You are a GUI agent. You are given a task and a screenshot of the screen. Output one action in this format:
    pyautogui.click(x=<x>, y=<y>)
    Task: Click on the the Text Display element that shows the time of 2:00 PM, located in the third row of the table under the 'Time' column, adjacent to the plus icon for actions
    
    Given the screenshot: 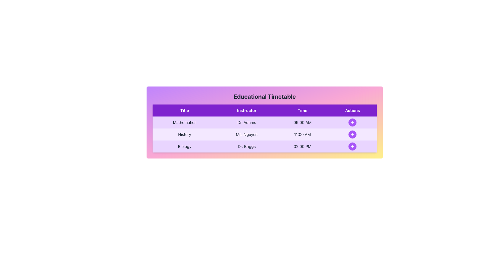 What is the action you would take?
    pyautogui.click(x=302, y=146)
    